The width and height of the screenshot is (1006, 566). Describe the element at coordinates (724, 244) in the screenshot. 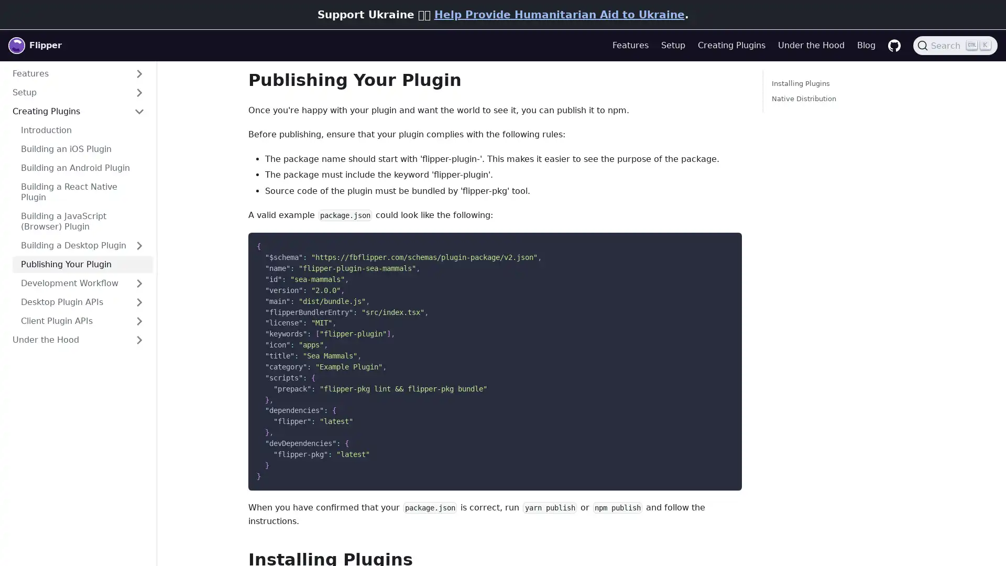

I see `Copy code to clipboard` at that location.